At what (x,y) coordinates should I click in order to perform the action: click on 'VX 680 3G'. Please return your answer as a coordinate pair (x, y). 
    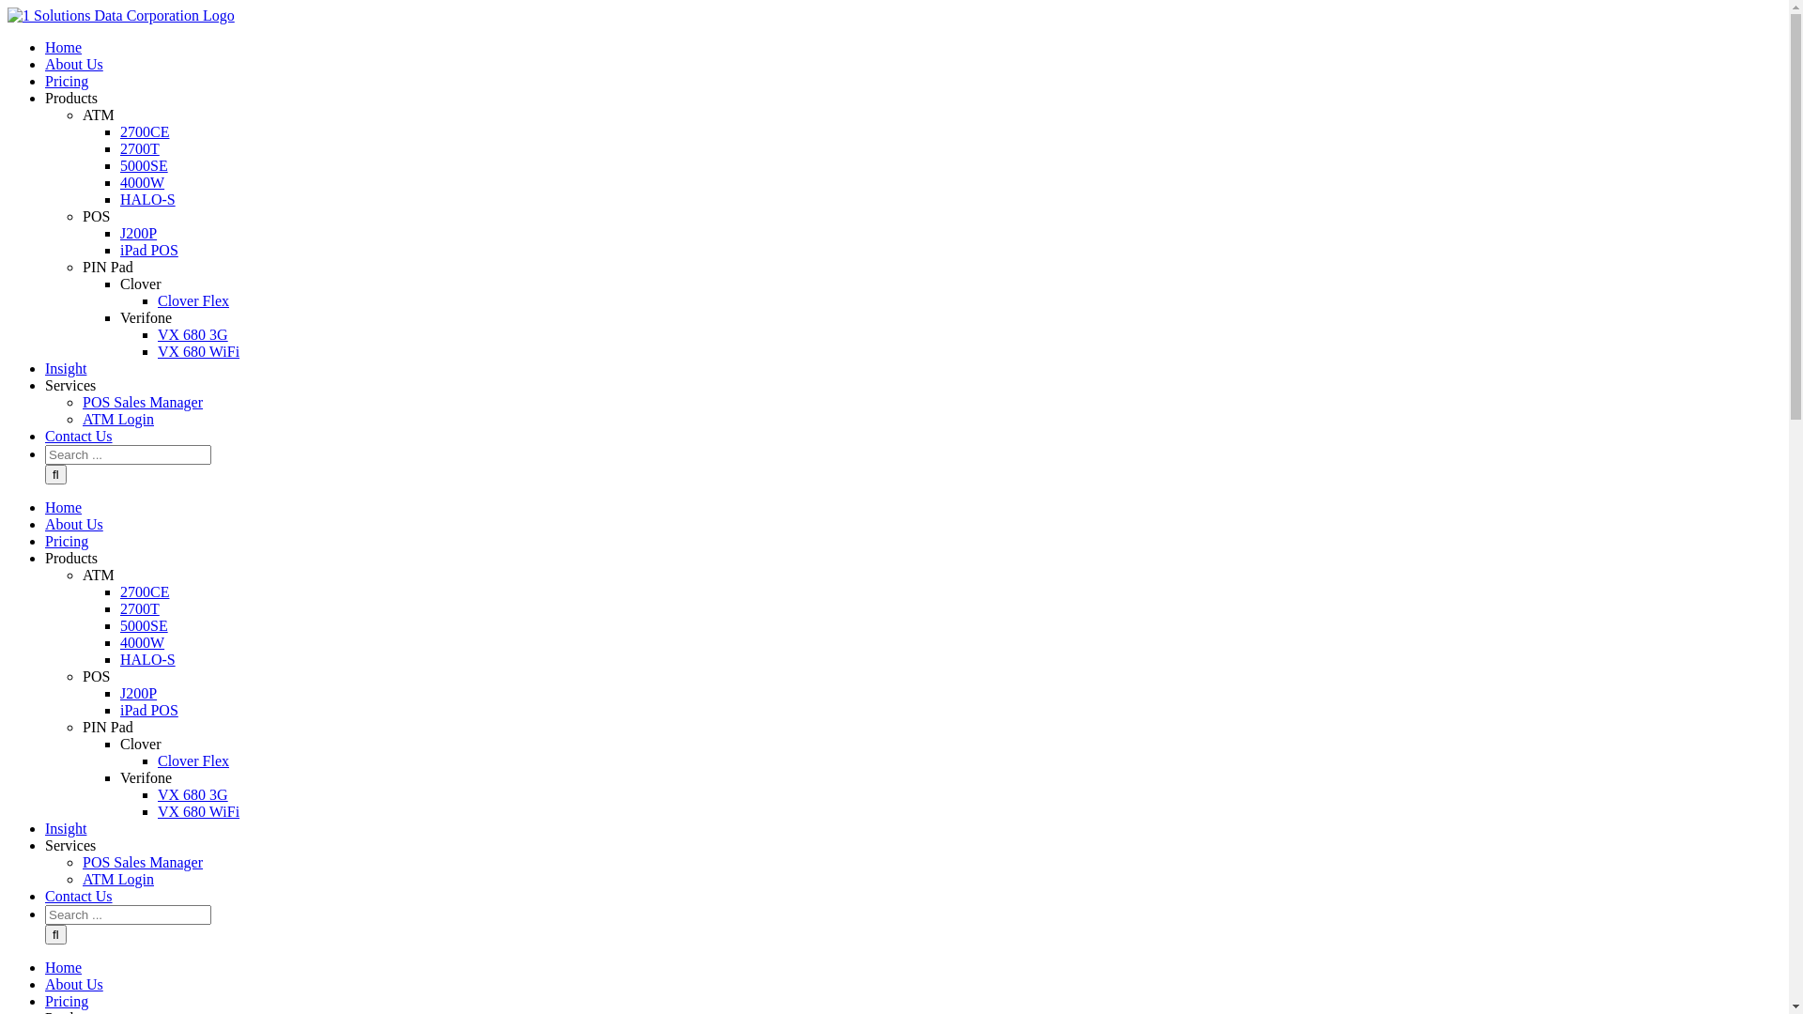
    Looking at the image, I should click on (193, 333).